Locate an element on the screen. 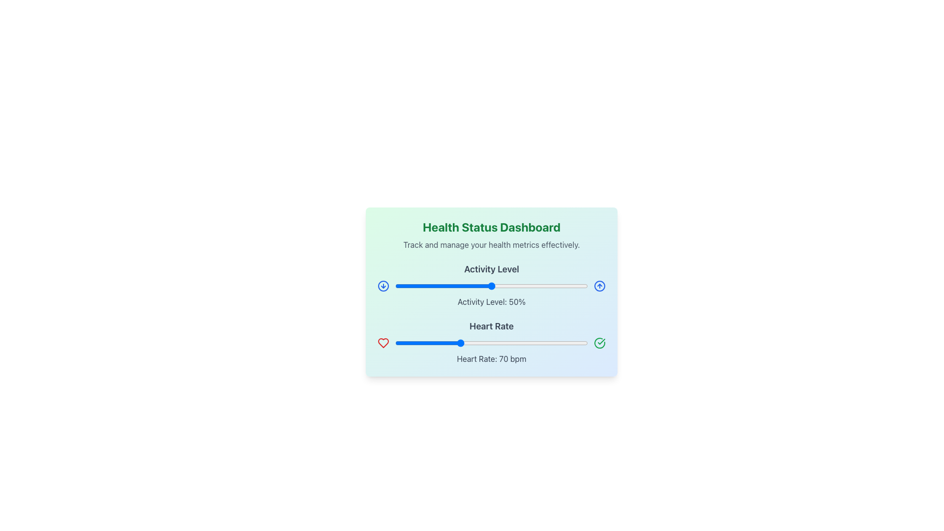 The height and width of the screenshot is (531, 944). the Status Panel, which features a gradient background from green to blue and includes the title 'Health Status Dashboard' in bold green, along with sections for 'Activity Level' and 'Heart Rate' is located at coordinates (491, 292).